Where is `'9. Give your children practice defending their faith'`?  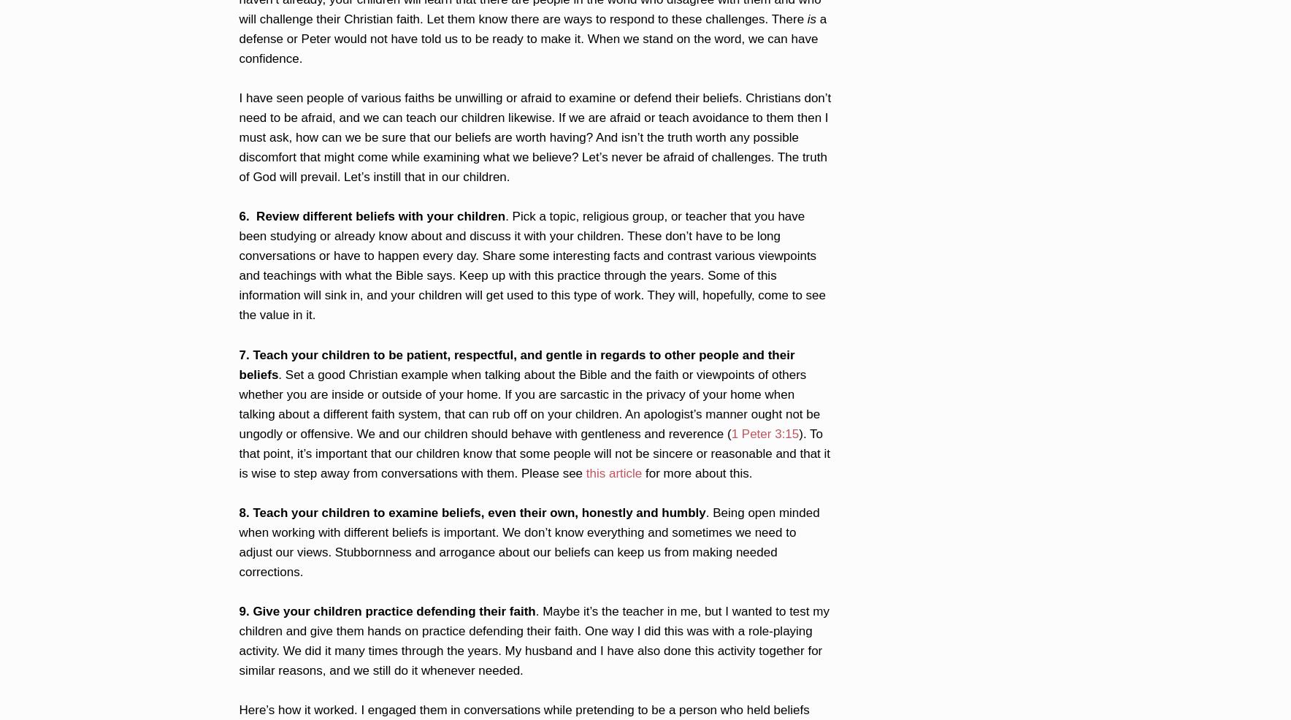
'9. Give your children practice defending their faith' is located at coordinates (386, 610).